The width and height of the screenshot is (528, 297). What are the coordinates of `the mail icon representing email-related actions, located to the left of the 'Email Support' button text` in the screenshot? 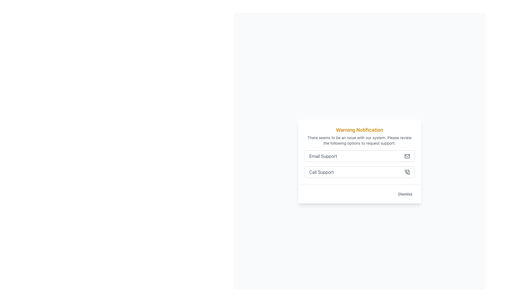 It's located at (407, 155).